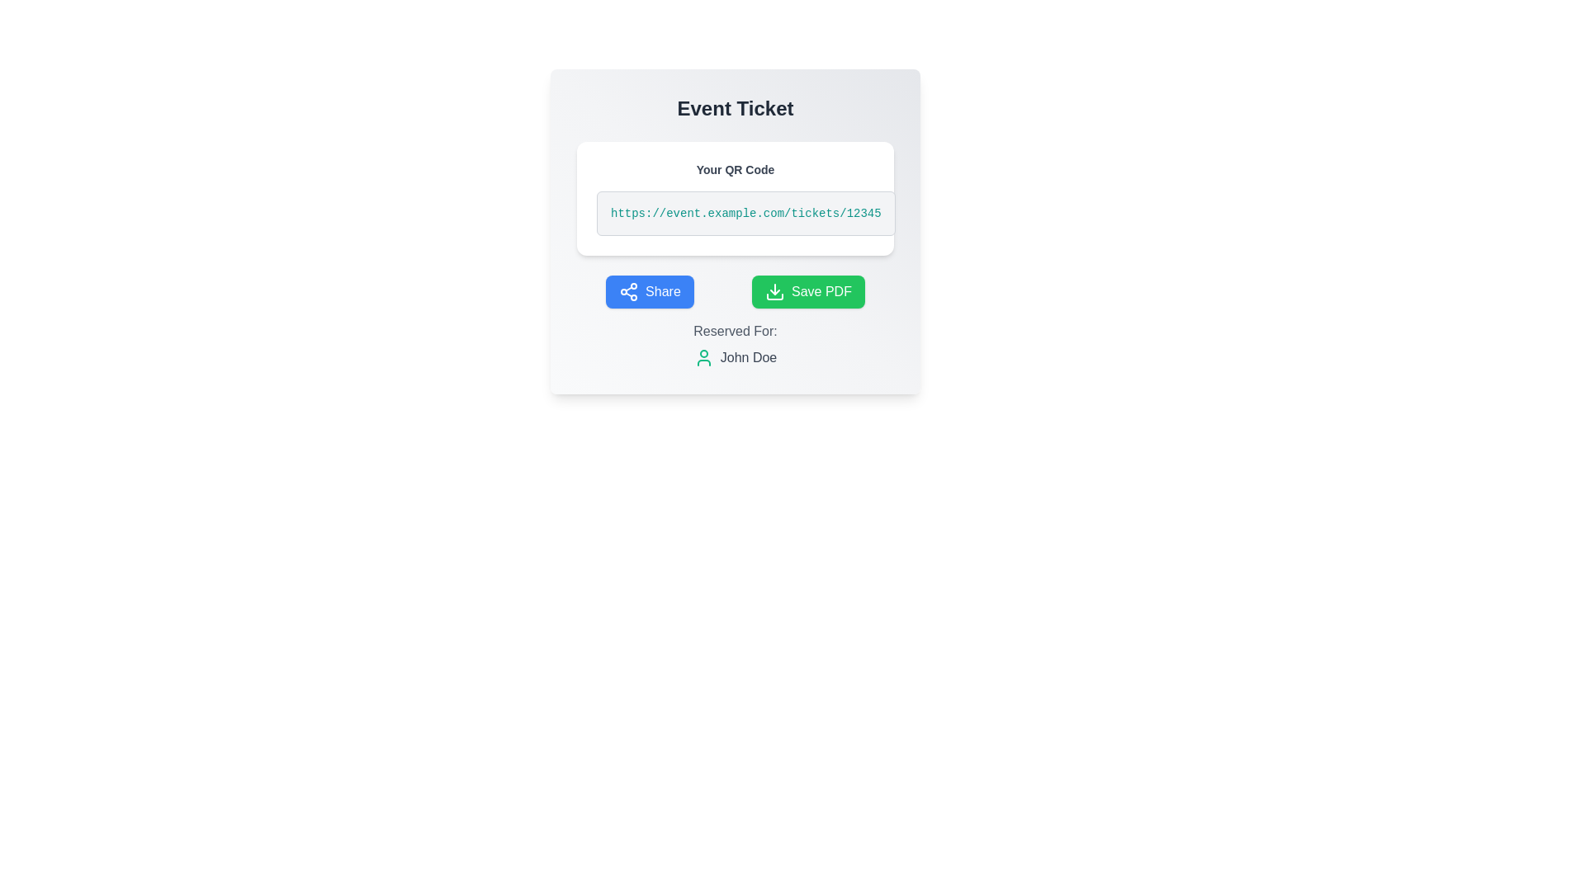 Image resolution: width=1585 pixels, height=891 pixels. Describe the element at coordinates (649, 291) in the screenshot. I see `the 'Share Event Ticket' button located on the left side of the button group` at that location.